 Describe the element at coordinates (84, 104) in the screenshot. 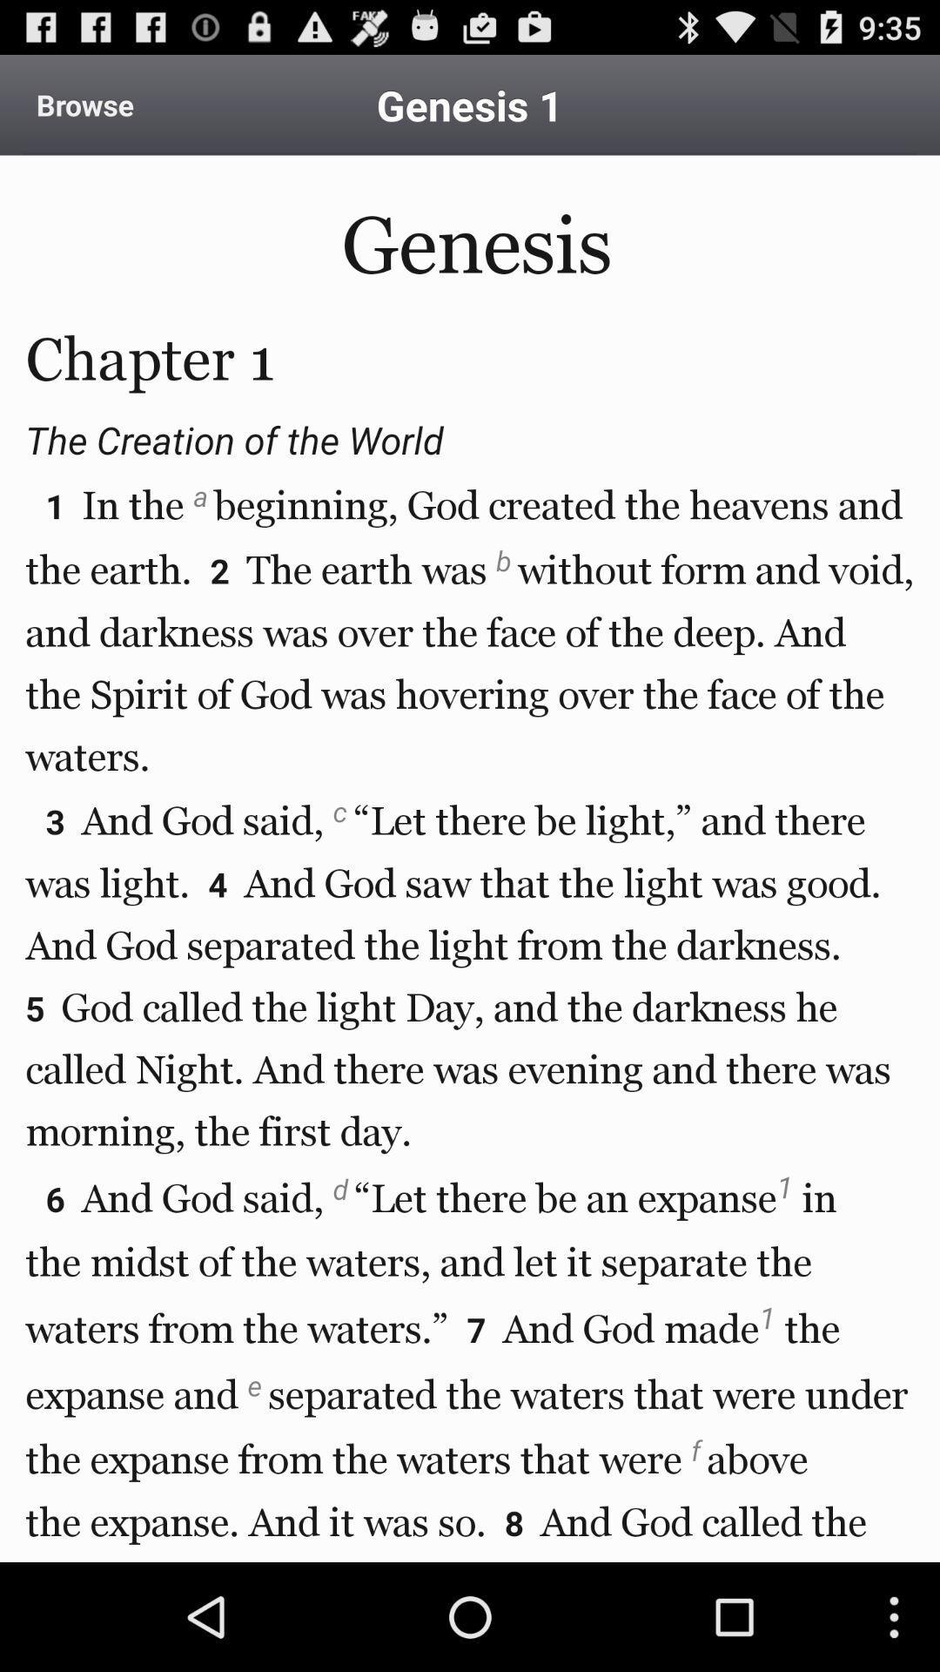

I see `item next to the genesis 1` at that location.